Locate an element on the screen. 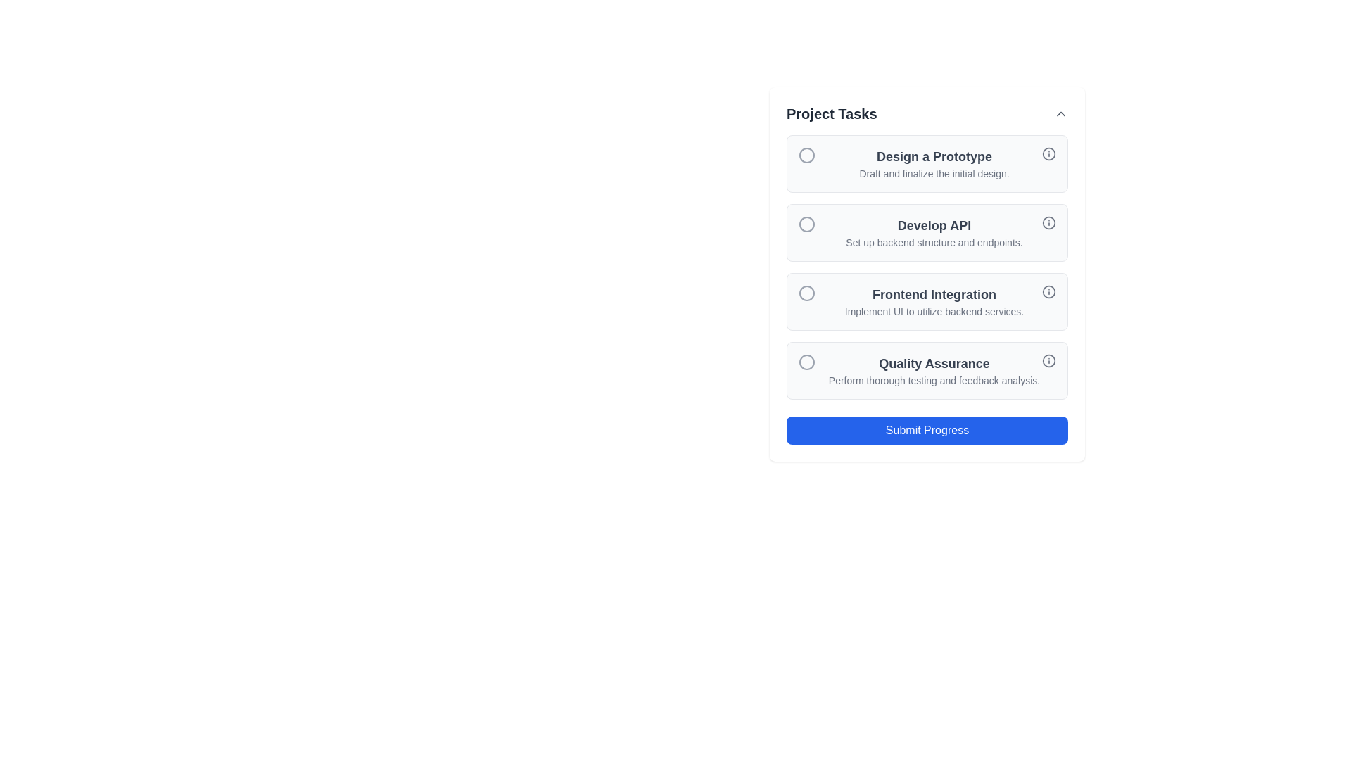  the text label containing 'Draft and finalize the initial design.' which is styled in a smaller, light gray font beneath the heading 'Design a Prototype.' is located at coordinates (934, 172).